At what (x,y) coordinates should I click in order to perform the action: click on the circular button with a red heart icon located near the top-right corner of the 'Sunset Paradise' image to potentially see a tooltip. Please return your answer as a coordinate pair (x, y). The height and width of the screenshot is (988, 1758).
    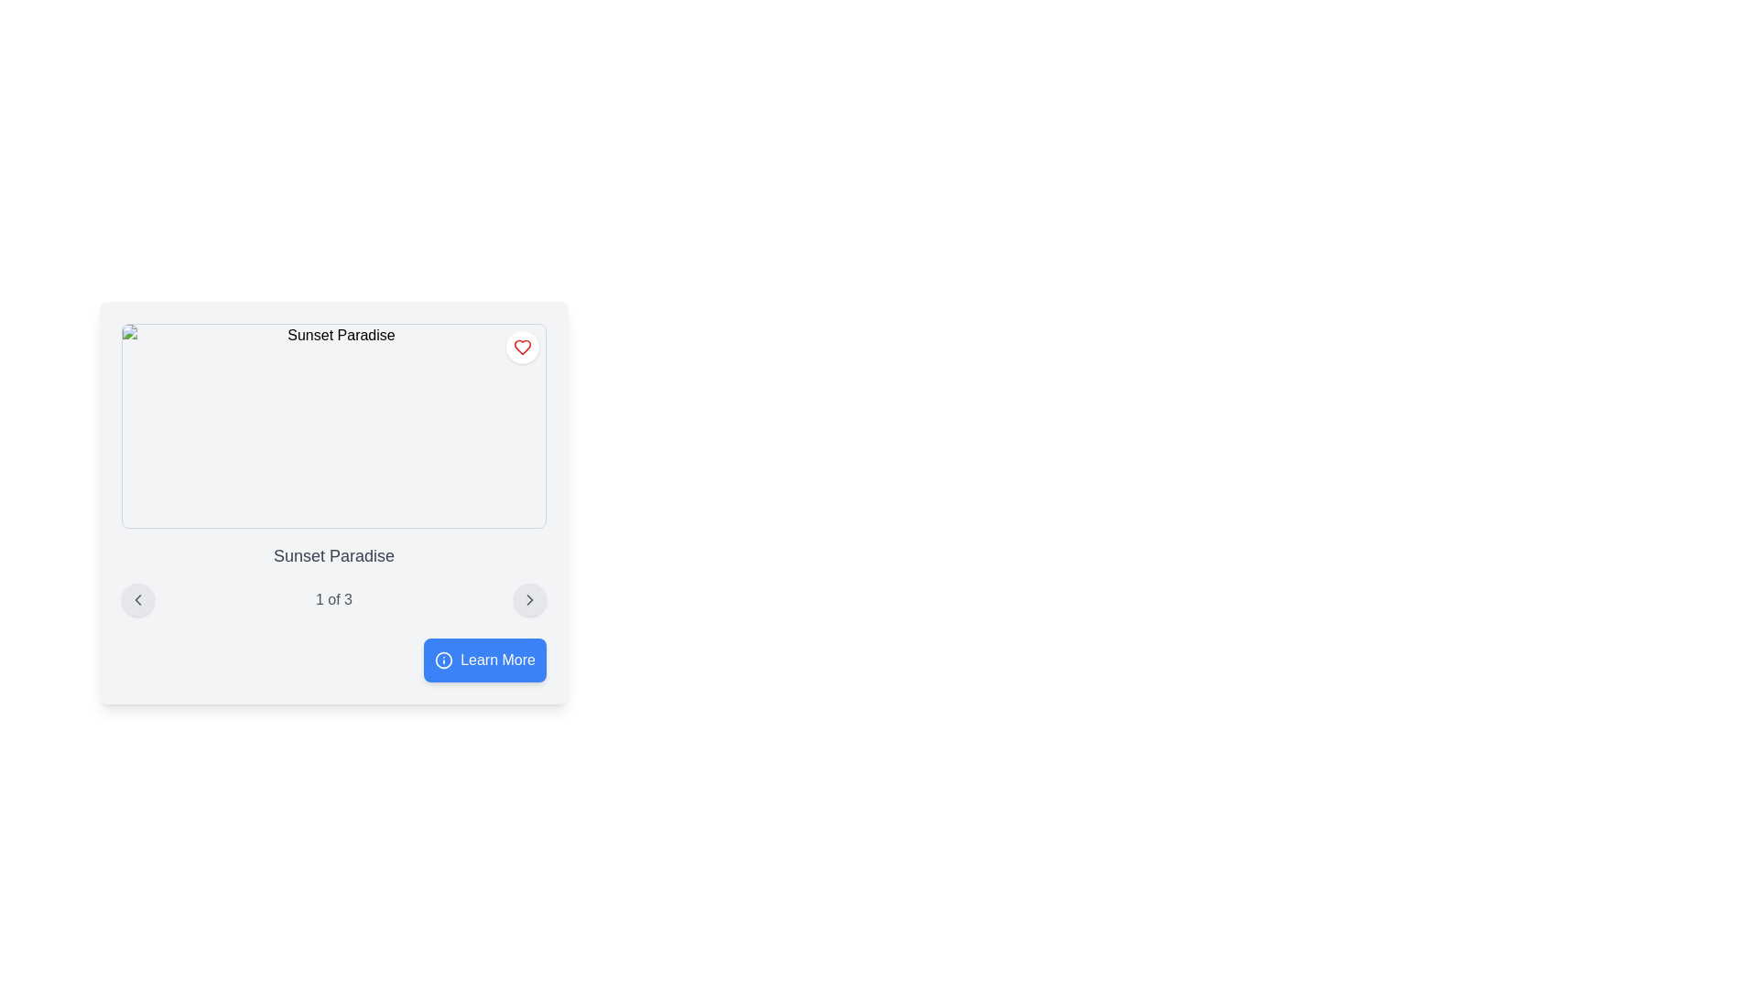
    Looking at the image, I should click on (522, 348).